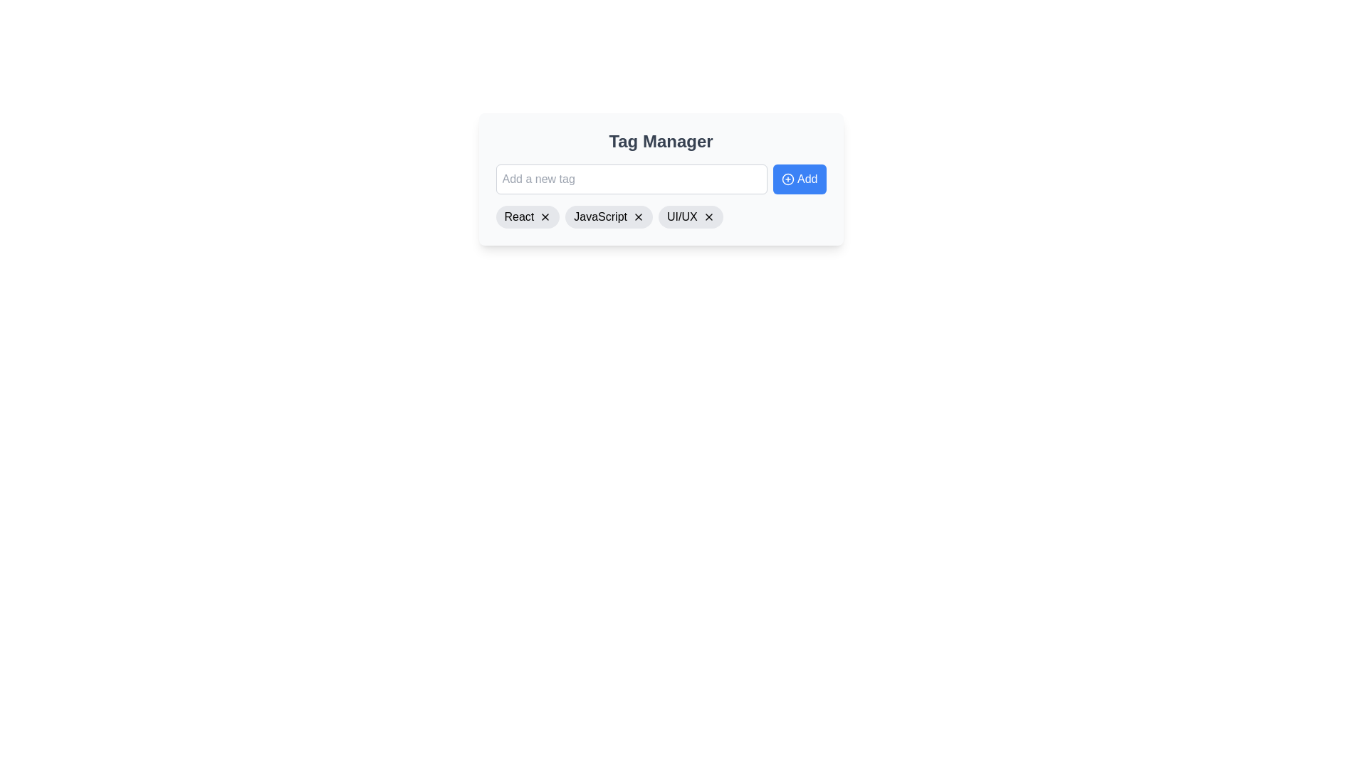 The image size is (1367, 769). What do you see at coordinates (527, 216) in the screenshot?
I see `the first selectable tag in the Tag Manager module` at bounding box center [527, 216].